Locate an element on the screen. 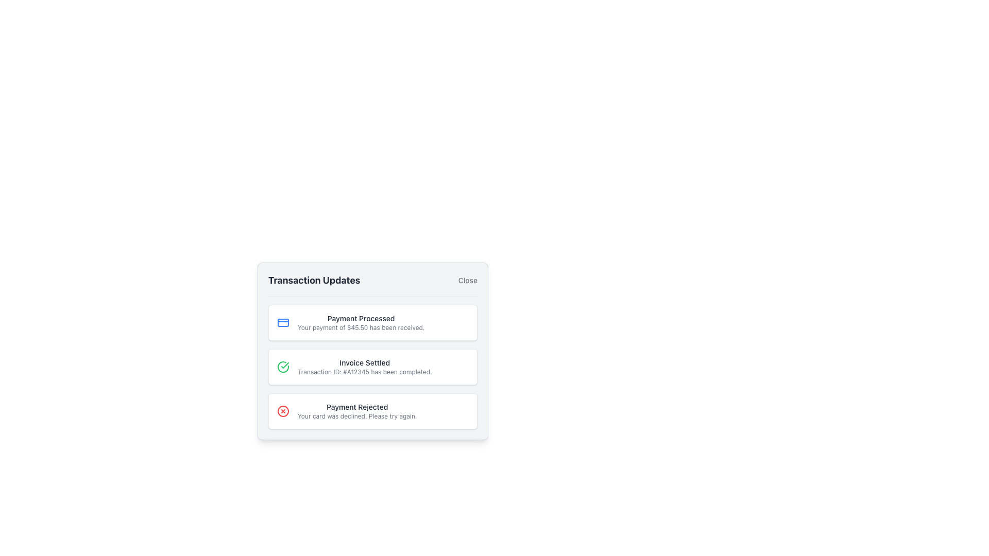 Image resolution: width=989 pixels, height=556 pixels. the visual indicator icon for a failed payment, located to the left of the text 'Payment Rejected' in the third card of the modal interface is located at coordinates (283, 410).